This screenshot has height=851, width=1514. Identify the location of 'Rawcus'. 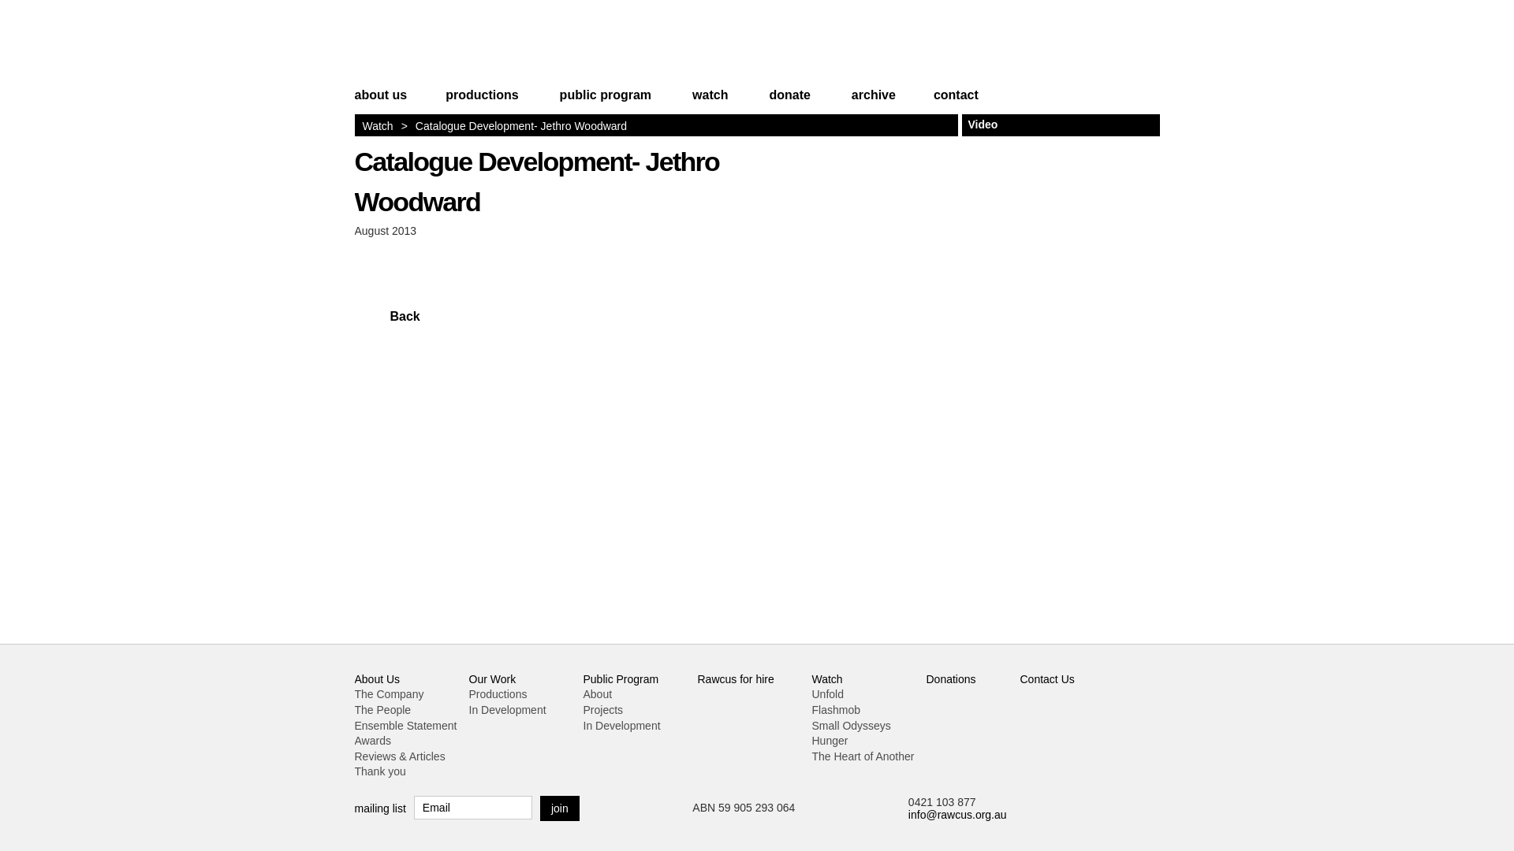
(453, 44).